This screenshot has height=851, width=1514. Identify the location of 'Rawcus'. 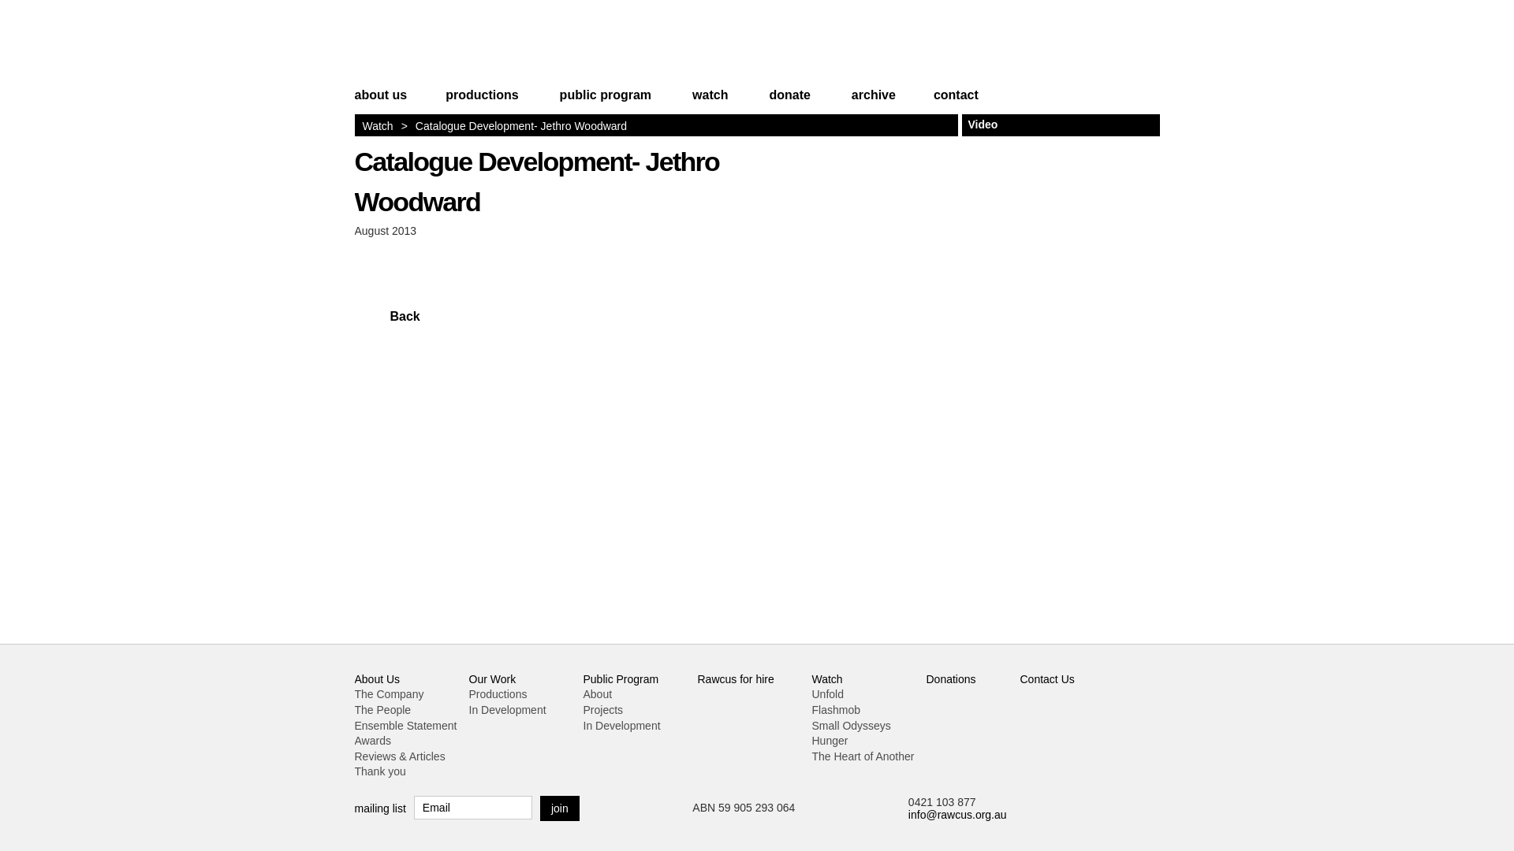
(453, 44).